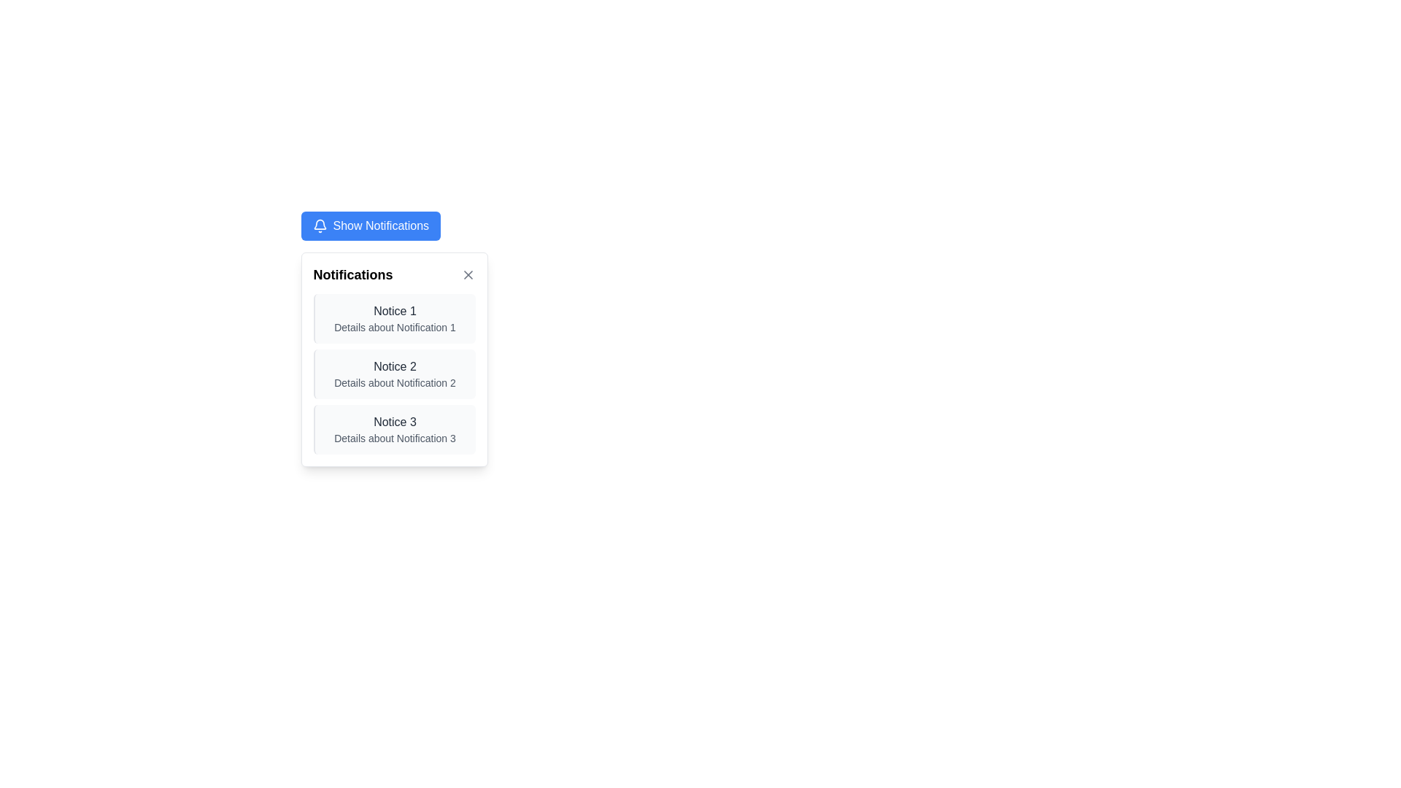 The width and height of the screenshot is (1401, 788). Describe the element at coordinates (381, 225) in the screenshot. I see `text label that says 'Show Notifications', which is prominently displayed in white font on a blue background within a button that includes a bell icon to its left` at that location.